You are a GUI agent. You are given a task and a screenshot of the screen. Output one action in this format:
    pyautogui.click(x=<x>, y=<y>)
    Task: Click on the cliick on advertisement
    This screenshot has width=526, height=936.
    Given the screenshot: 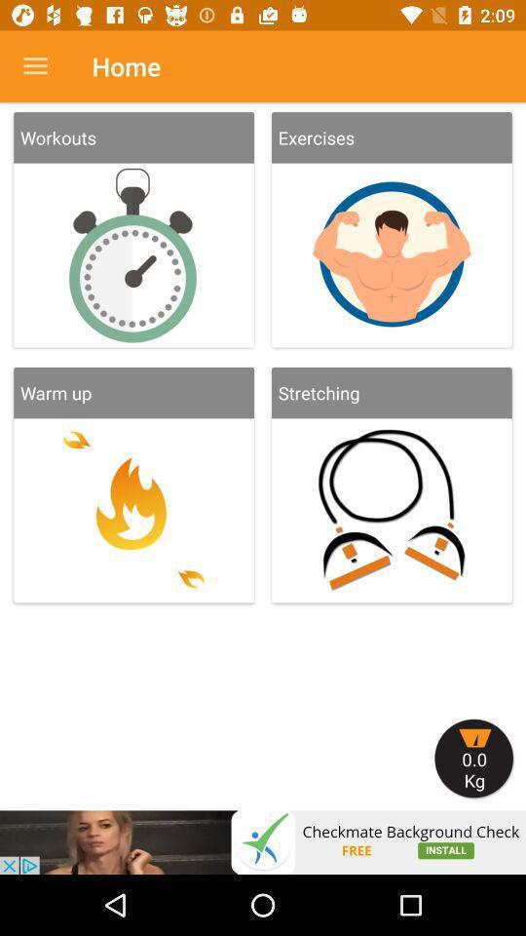 What is the action you would take?
    pyautogui.click(x=263, y=841)
    